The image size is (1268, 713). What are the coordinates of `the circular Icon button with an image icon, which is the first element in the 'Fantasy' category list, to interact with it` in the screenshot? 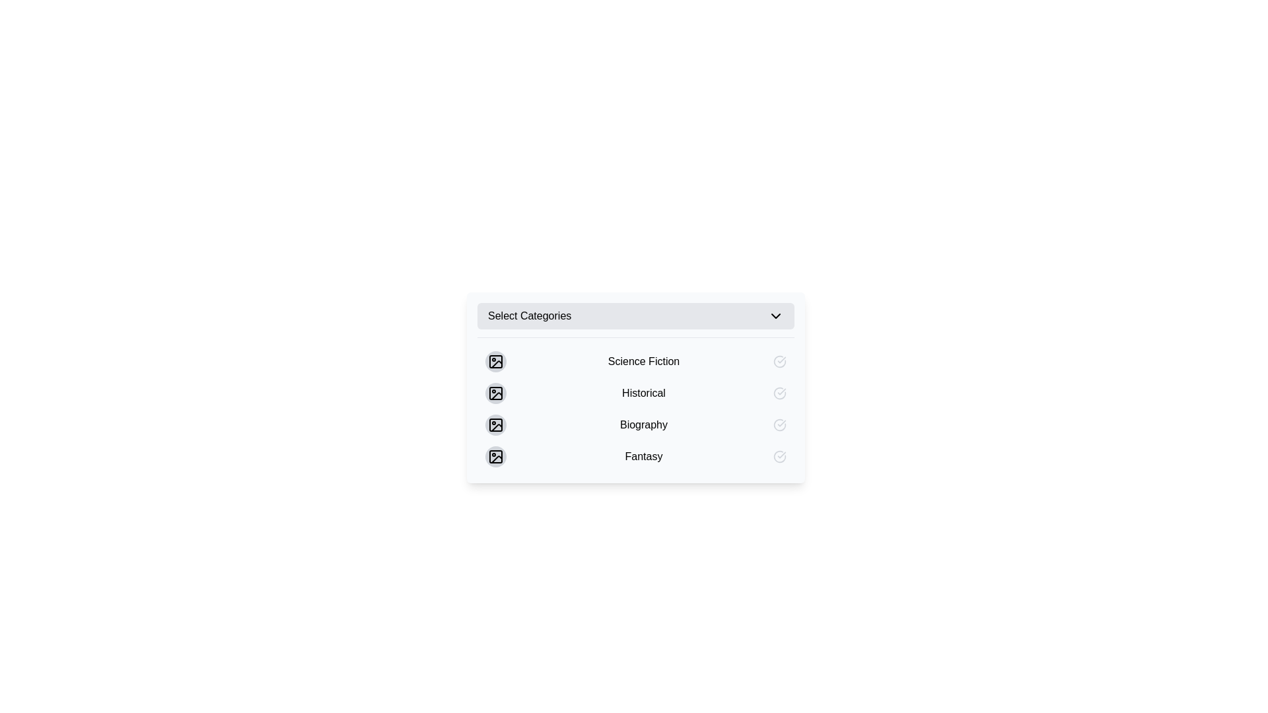 It's located at (495, 456).